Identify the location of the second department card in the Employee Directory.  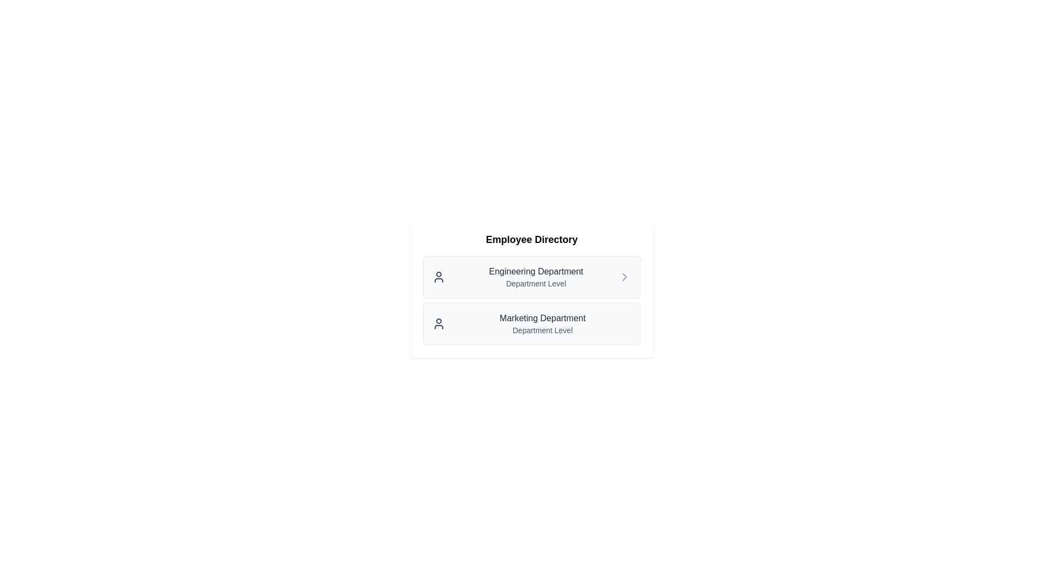
(532, 300).